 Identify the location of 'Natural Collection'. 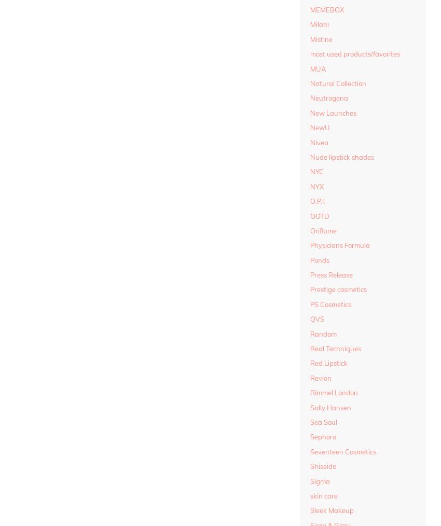
(338, 84).